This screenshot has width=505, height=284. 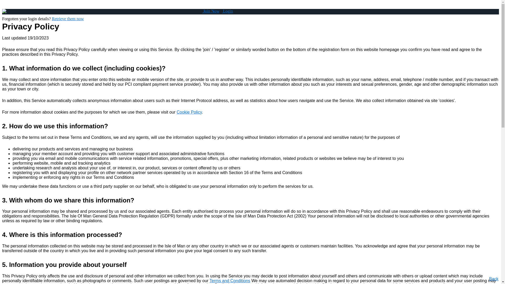 I want to click on 'Retrieve them now', so click(x=68, y=18).